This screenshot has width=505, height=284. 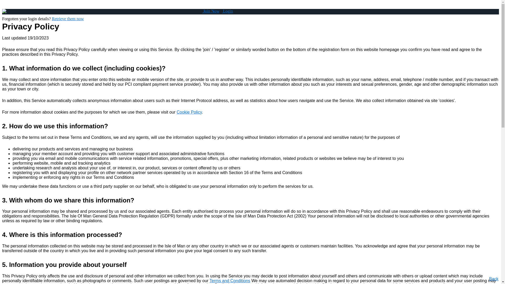 I want to click on 'Retrieve them now', so click(x=68, y=18).